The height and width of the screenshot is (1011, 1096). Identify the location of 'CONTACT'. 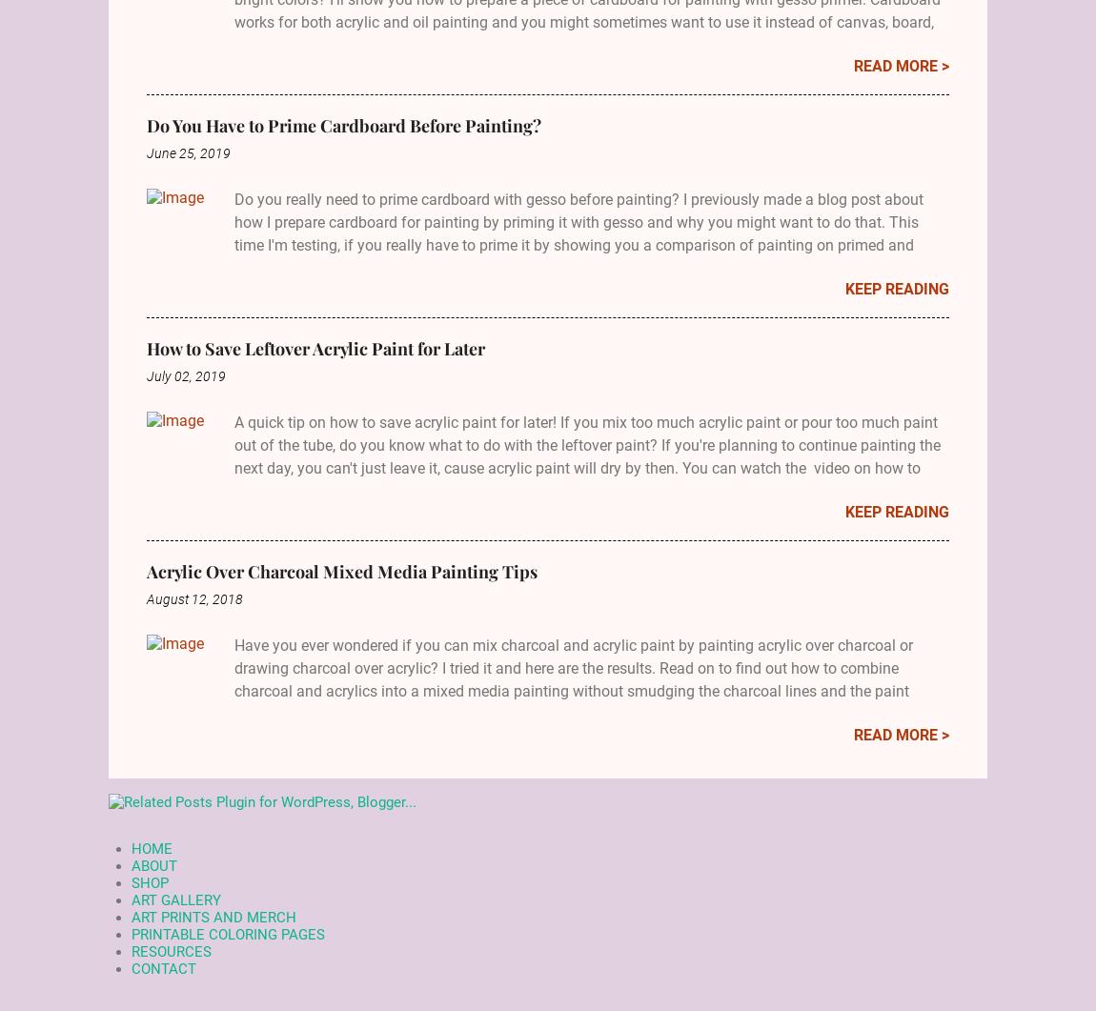
(163, 967).